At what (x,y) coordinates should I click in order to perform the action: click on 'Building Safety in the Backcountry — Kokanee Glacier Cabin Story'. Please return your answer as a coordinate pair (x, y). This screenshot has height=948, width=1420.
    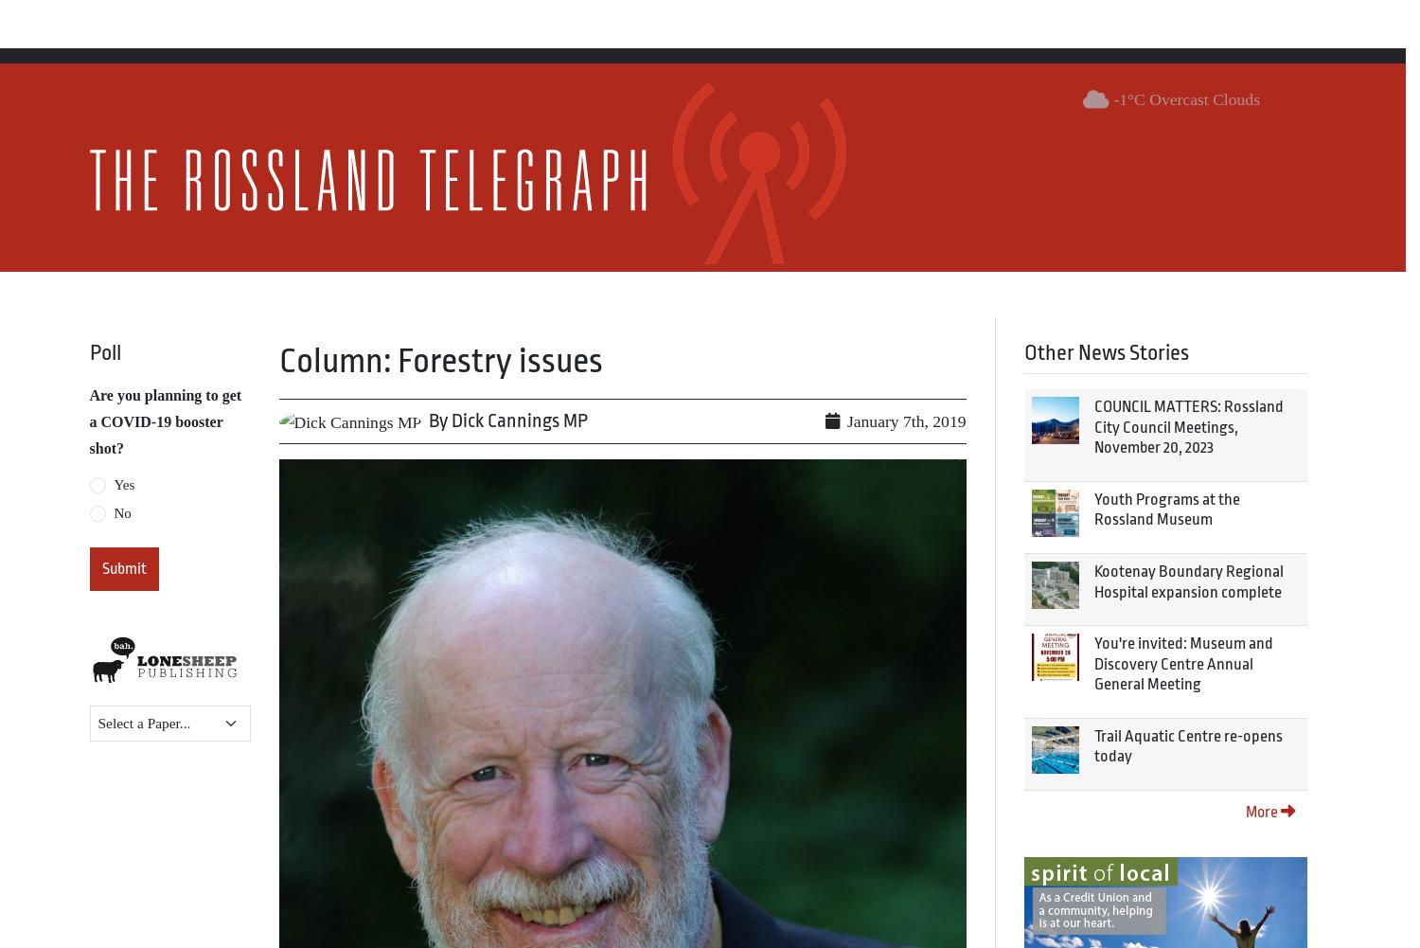
    Looking at the image, I should click on (515, 708).